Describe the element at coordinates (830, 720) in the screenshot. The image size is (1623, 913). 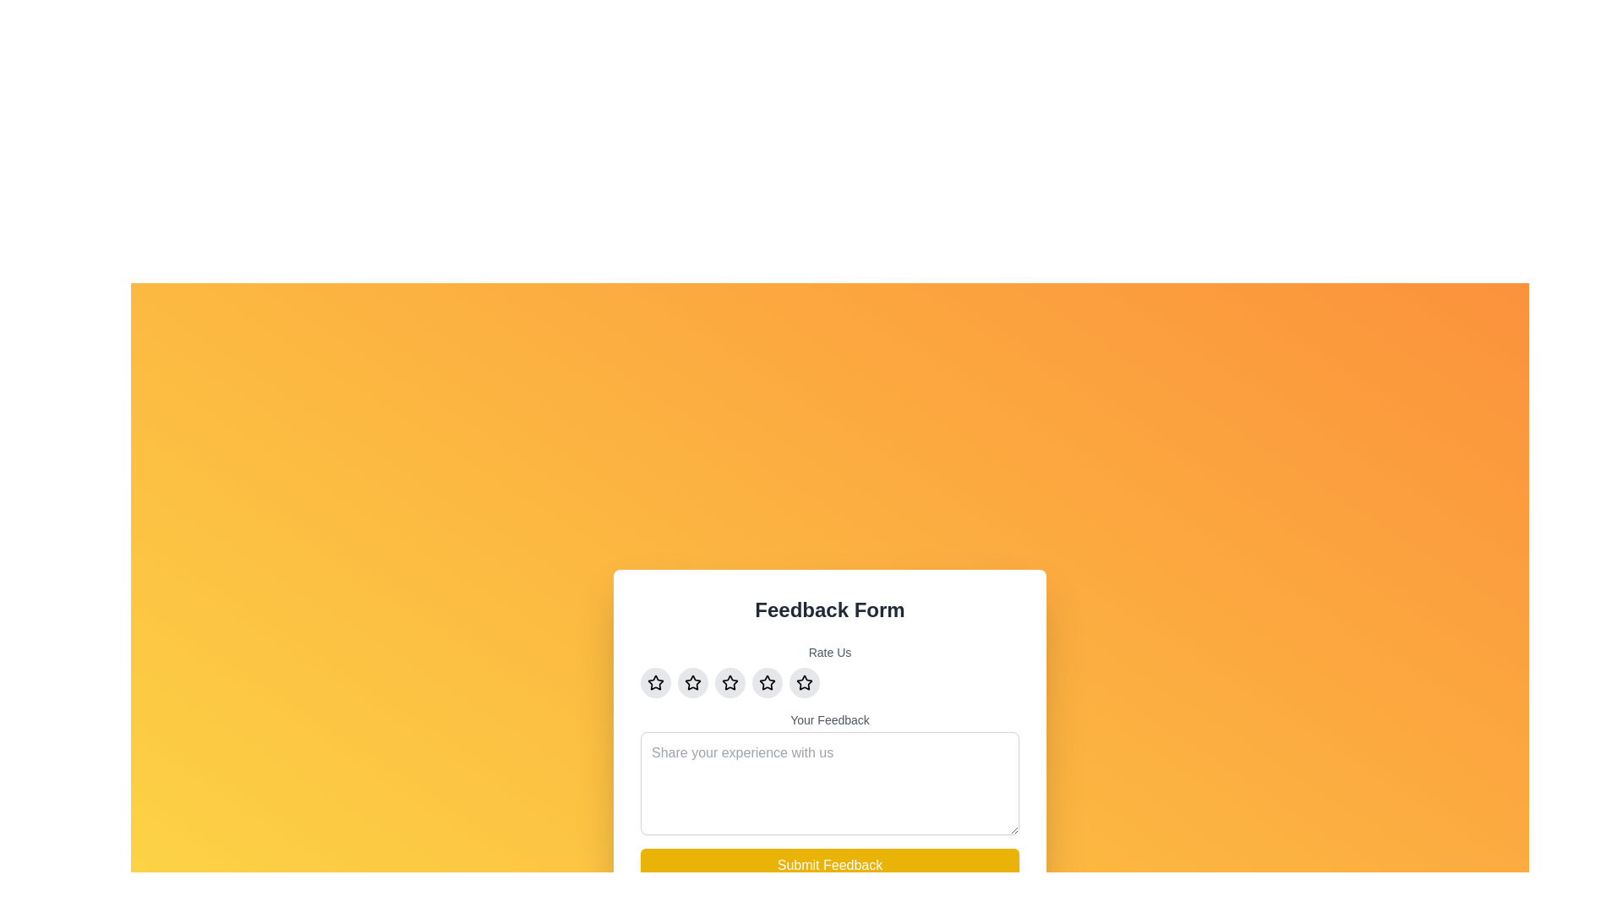
I see `the 'Your Feedback' label, which is a small, gray text label positioned beneath the star rating icons and above the feedback text area` at that location.